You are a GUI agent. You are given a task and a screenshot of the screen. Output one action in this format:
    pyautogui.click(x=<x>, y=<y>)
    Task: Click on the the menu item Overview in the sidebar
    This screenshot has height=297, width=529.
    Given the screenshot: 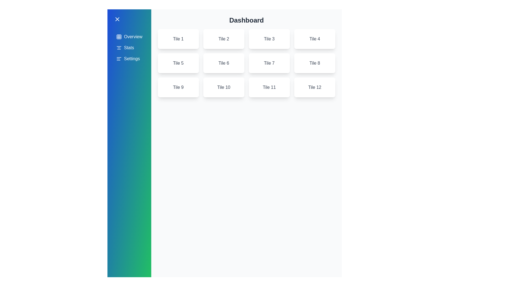 What is the action you would take?
    pyautogui.click(x=129, y=37)
    